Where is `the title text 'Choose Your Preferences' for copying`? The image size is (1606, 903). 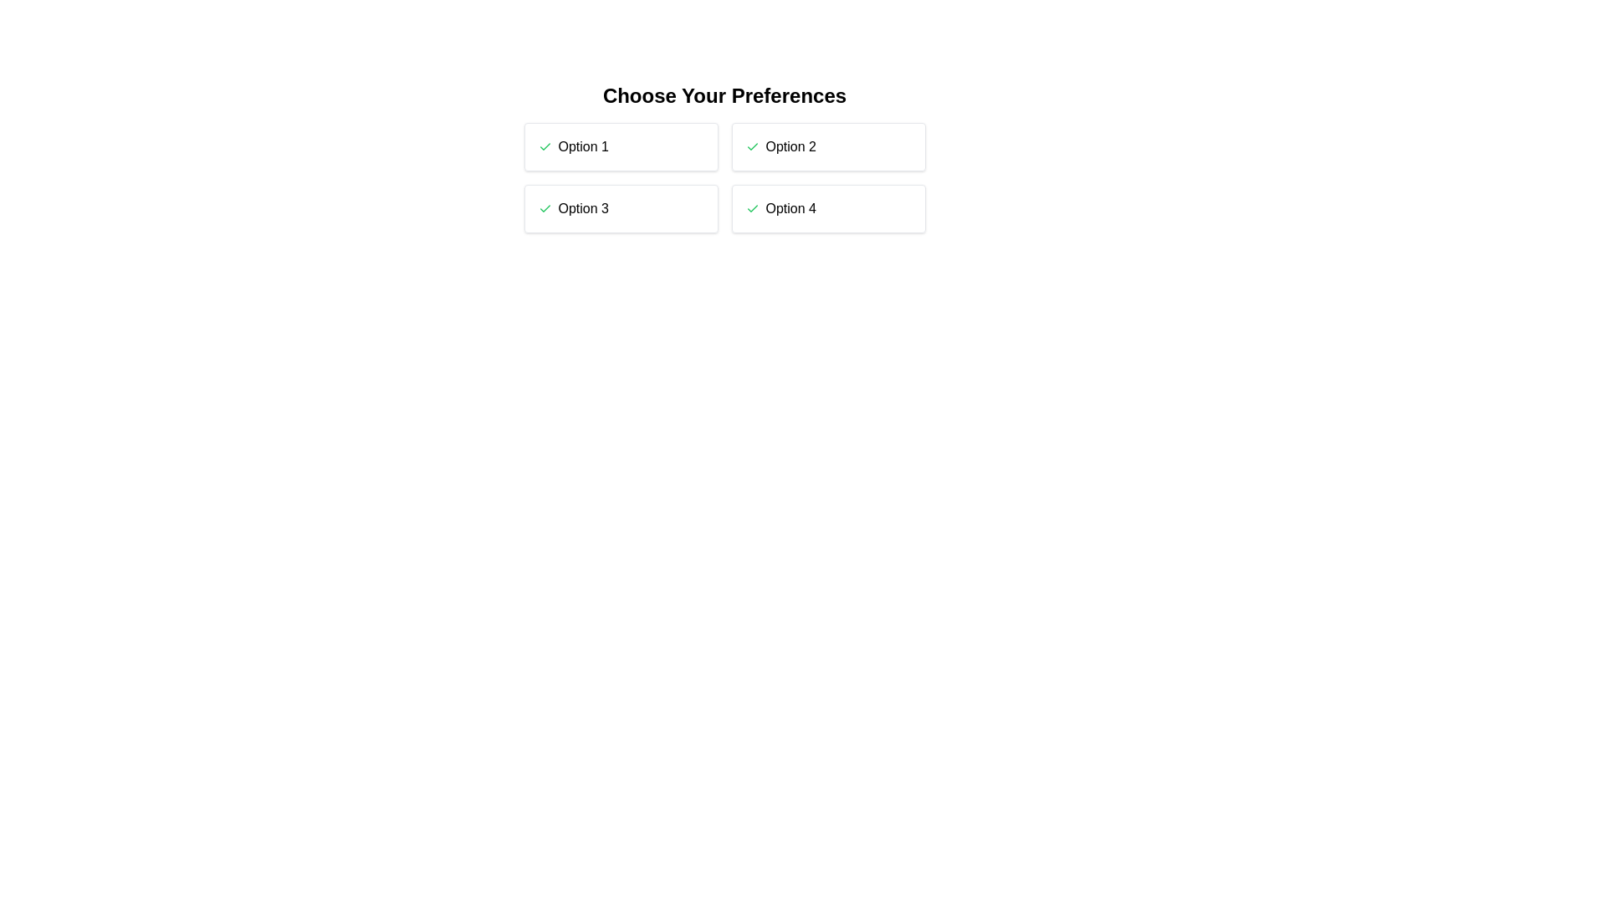 the title text 'Choose Your Preferences' for copying is located at coordinates (724, 96).